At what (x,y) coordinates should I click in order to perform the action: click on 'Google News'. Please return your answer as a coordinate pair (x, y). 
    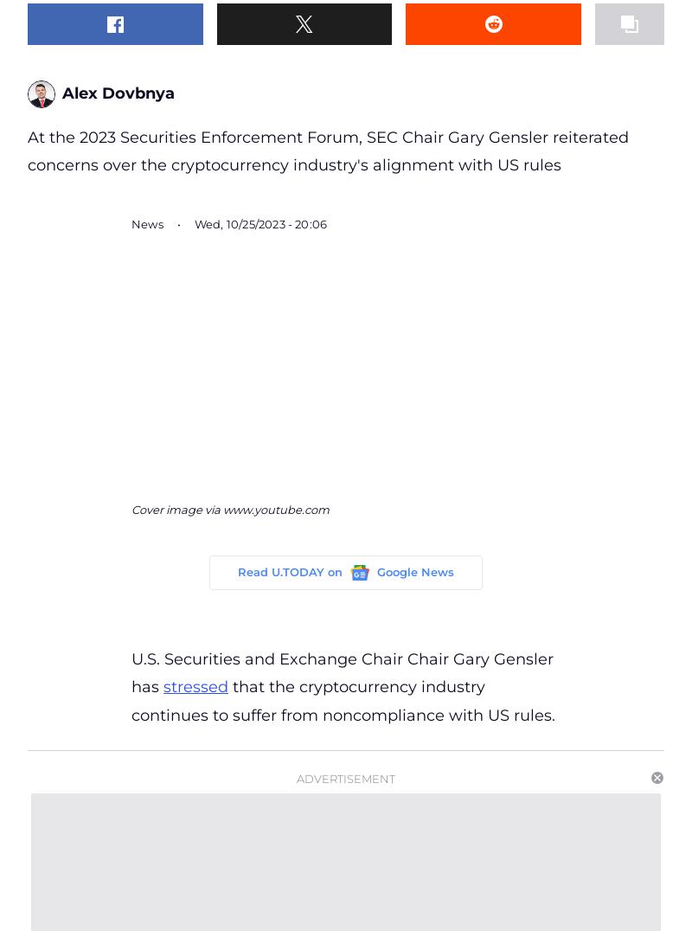
    Looking at the image, I should click on (415, 570).